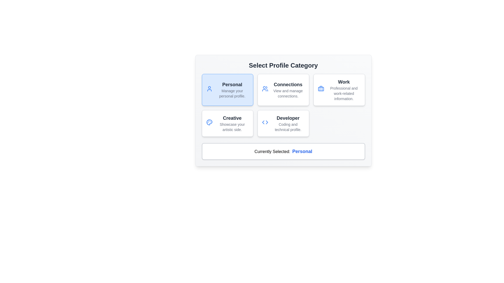 This screenshot has width=504, height=283. Describe the element at coordinates (232, 84) in the screenshot. I see `the 'Personal' category label, which serves as the title for the associated card in the 'Select Profile Category' section` at that location.